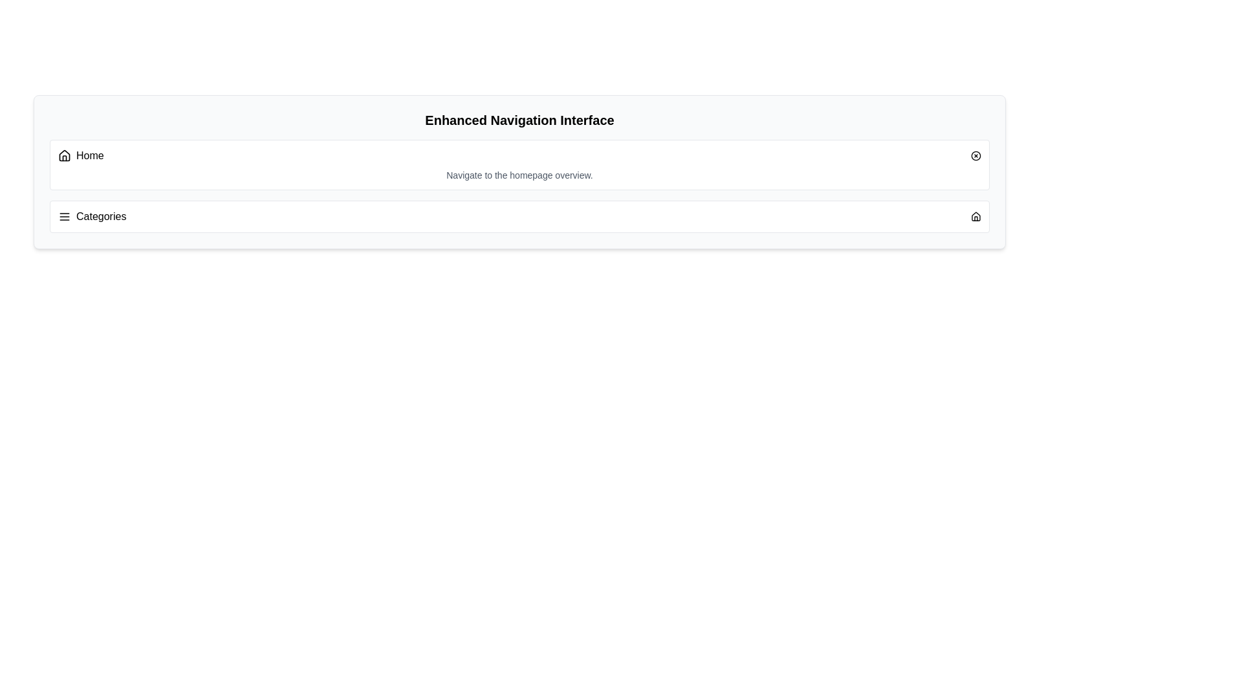  I want to click on the 'Home' text element with the house icon, so click(80, 155).